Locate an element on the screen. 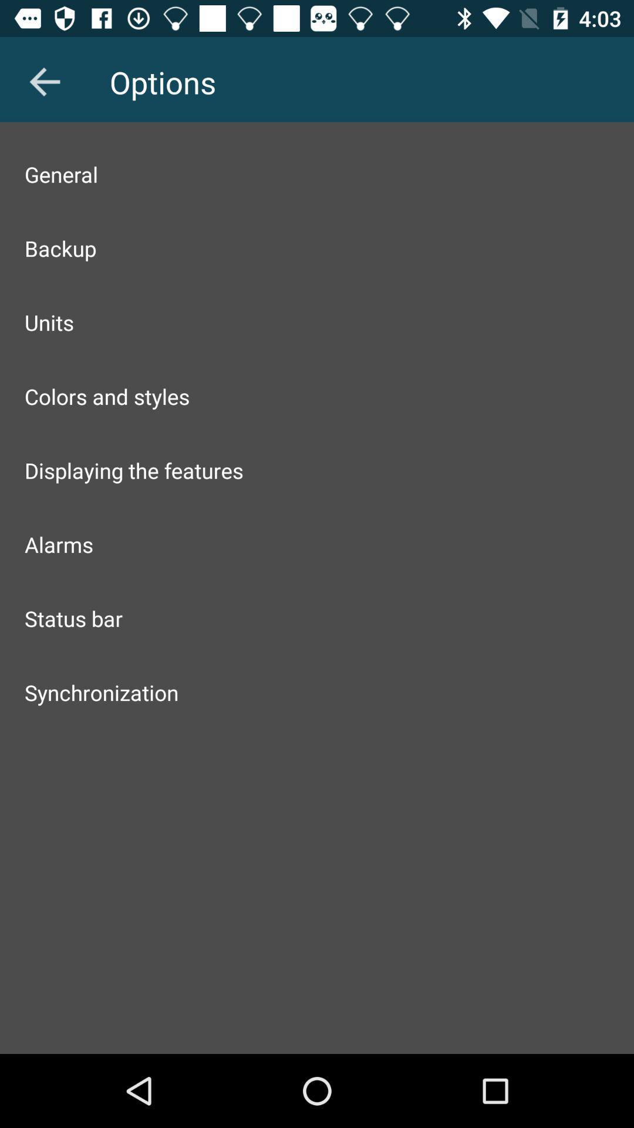 The image size is (634, 1128). the icon at the top left corner is located at coordinates (44, 81).